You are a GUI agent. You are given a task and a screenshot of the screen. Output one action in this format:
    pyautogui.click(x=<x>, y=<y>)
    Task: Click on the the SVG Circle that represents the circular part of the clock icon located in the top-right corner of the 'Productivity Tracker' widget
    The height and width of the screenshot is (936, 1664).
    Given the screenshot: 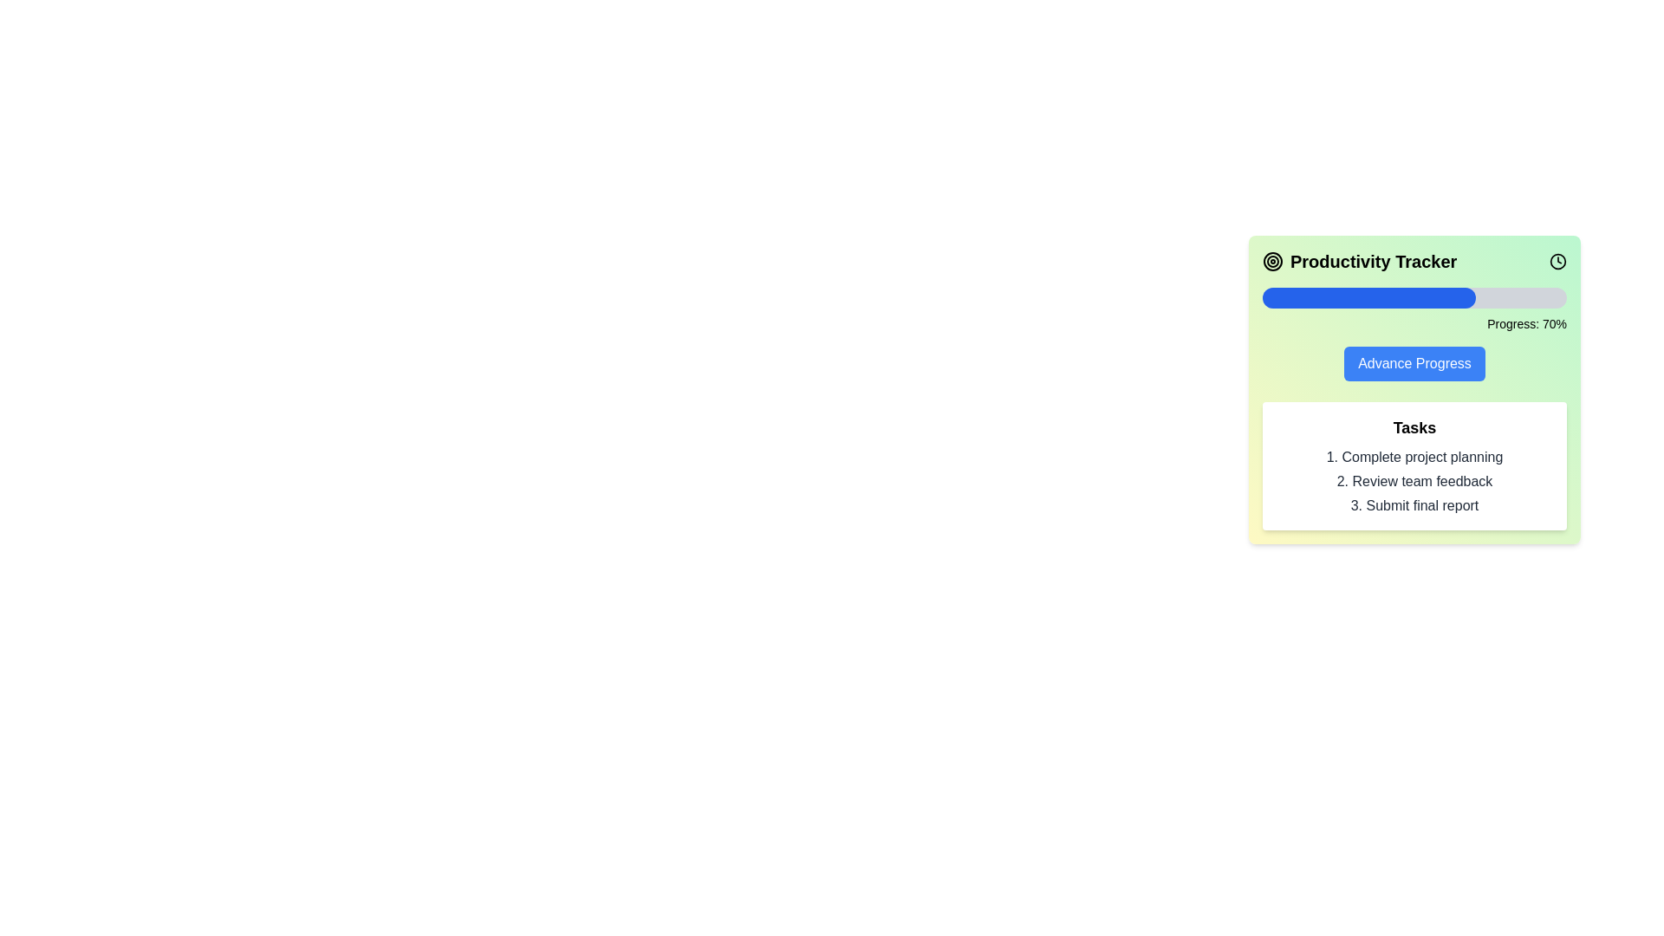 What is the action you would take?
    pyautogui.click(x=1558, y=261)
    